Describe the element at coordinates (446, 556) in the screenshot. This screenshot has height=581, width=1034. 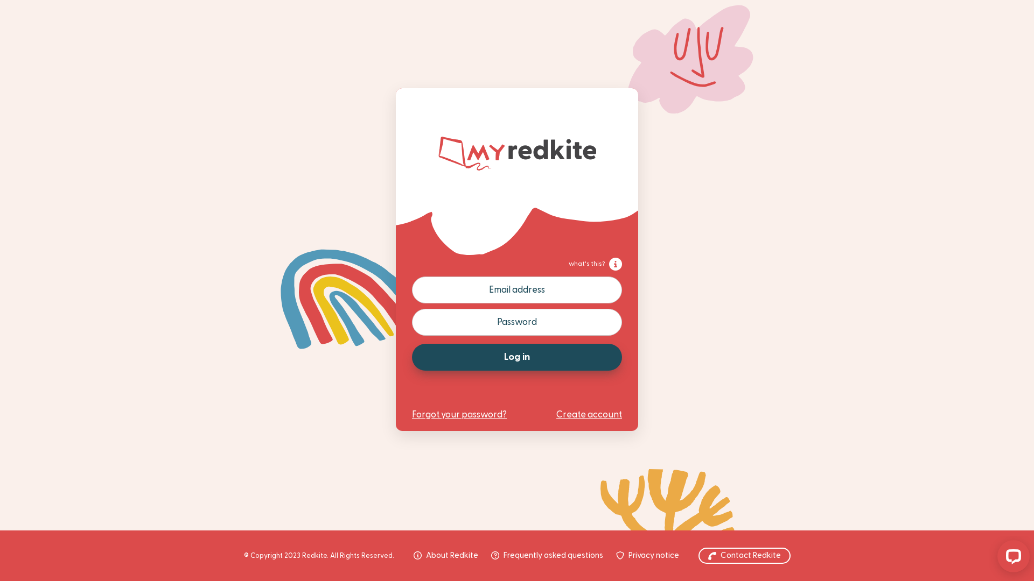
I see `'About Redkite'` at that location.